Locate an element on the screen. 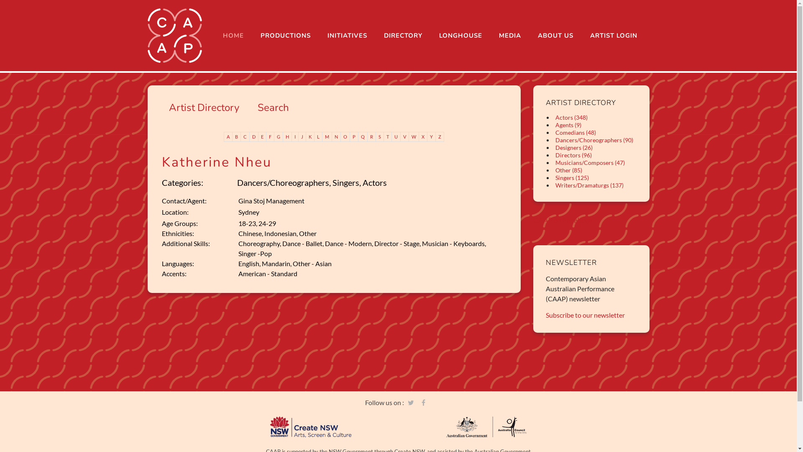 This screenshot has width=803, height=452. 'Dancers/Choreographers (90)' is located at coordinates (553, 139).